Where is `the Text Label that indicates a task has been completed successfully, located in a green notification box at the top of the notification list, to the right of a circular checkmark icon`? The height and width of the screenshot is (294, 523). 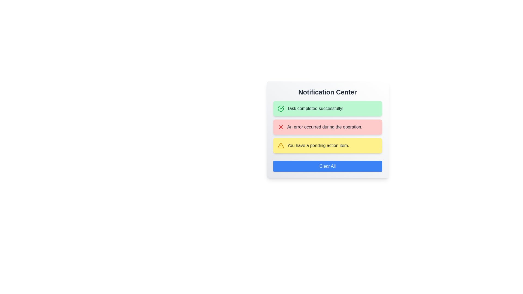
the Text Label that indicates a task has been completed successfully, located in a green notification box at the top of the notification list, to the right of a circular checkmark icon is located at coordinates (315, 108).